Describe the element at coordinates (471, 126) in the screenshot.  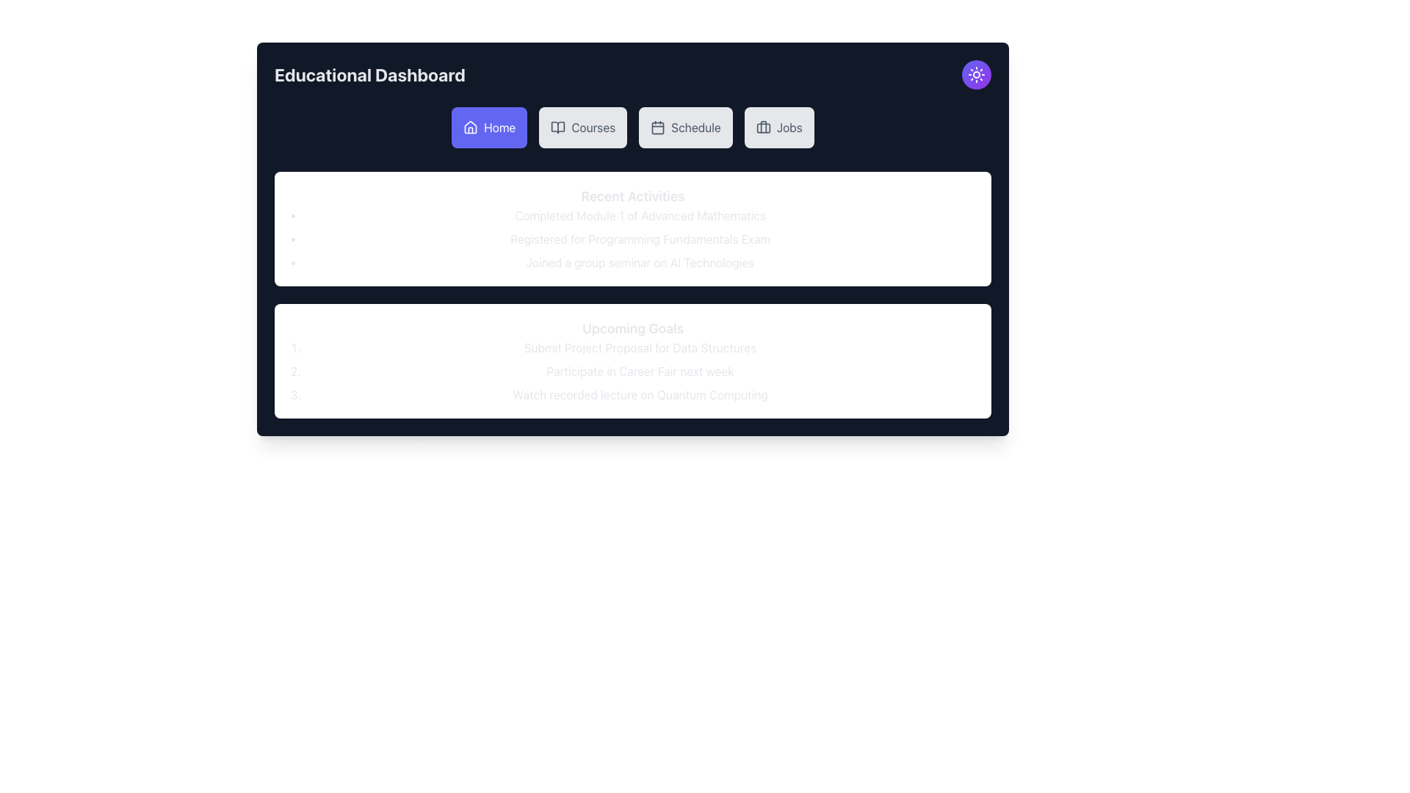
I see `the house icon located at the center of the 'Home' button in the navigation bar to view it as part of the button interaction` at that location.